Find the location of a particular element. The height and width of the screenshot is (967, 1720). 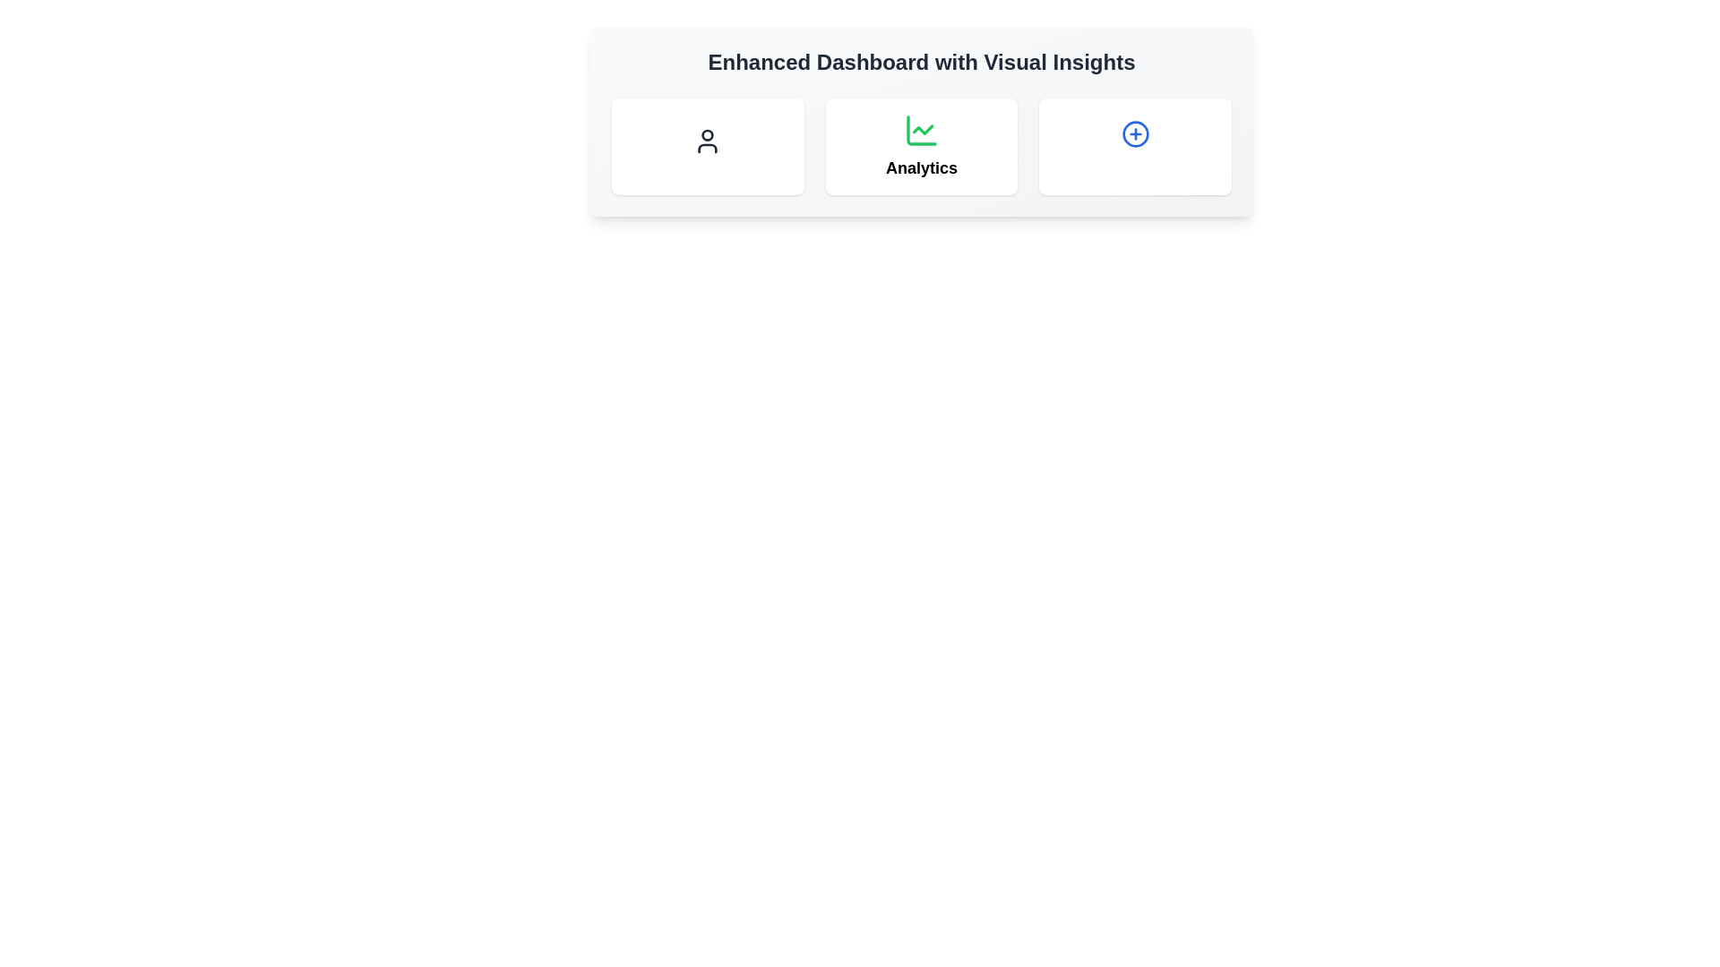

the Header text or title located at the top center of the dashboard, above the cards labeled 'Access Profile Settings,' 'Analytics,' and 'Add New Item.' is located at coordinates (921, 61).